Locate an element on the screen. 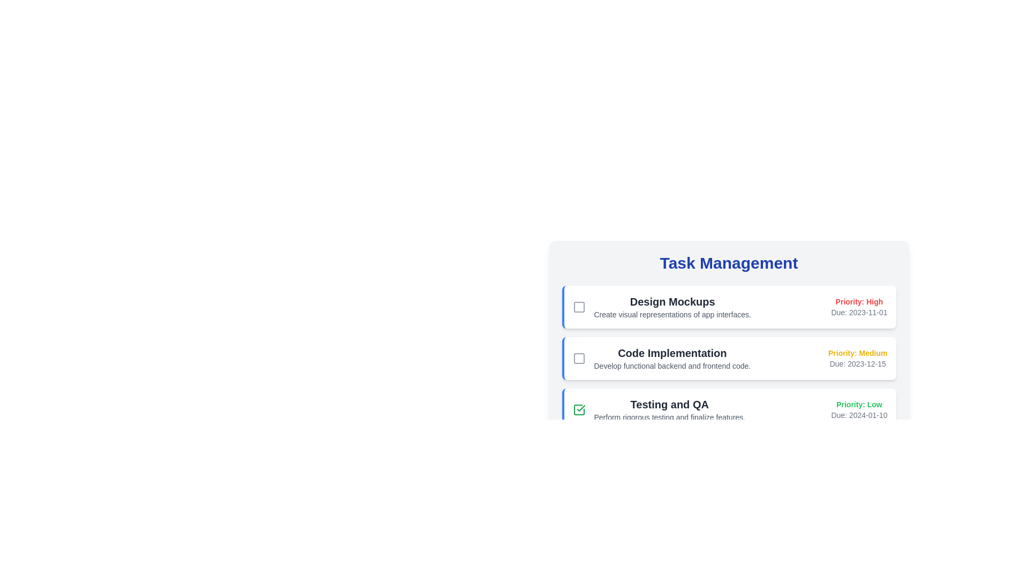 This screenshot has height=578, width=1028. the Text label displaying 'Priority: High' and 'Due: 2023-11-01', which is positioned on the right side of the 'Design Mockups' section under 'Task Management' is located at coordinates (859, 307).